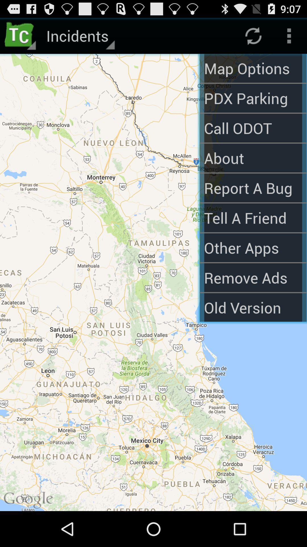  Describe the element at coordinates (253, 217) in the screenshot. I see `tell a friend` at that location.